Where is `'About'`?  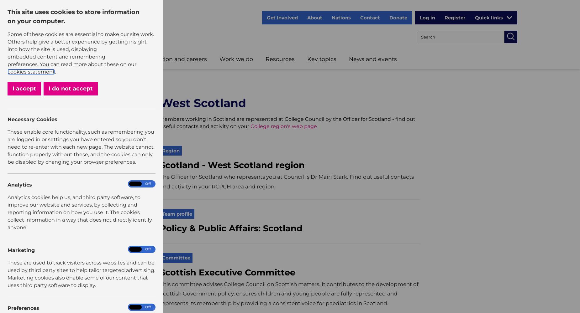 'About' is located at coordinates (314, 18).